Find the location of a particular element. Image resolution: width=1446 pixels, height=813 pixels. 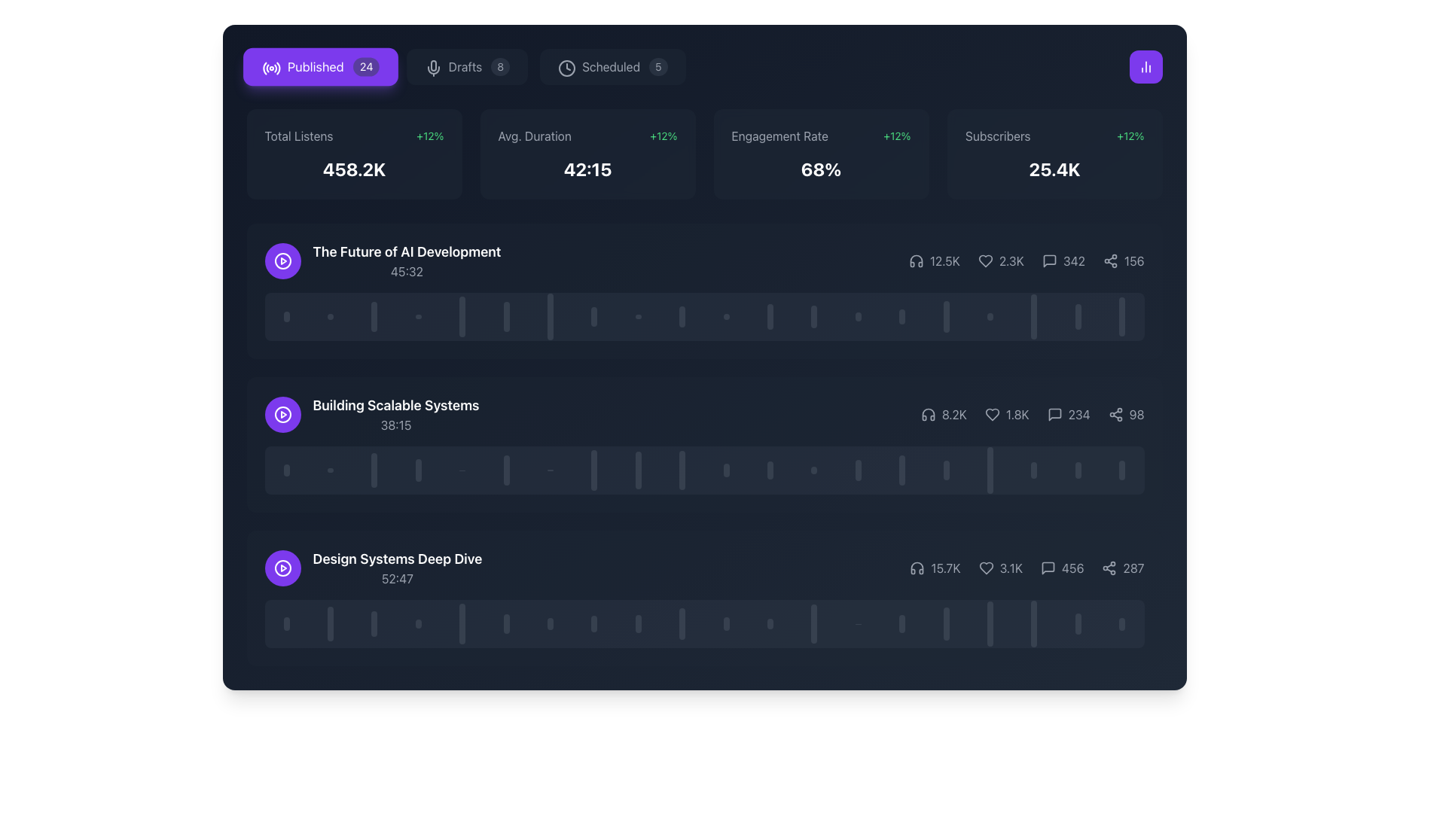

the like icon located in the interaction bar for the content entry titled 'Building Scalable Systems' to like or unlike the content is located at coordinates (992, 415).